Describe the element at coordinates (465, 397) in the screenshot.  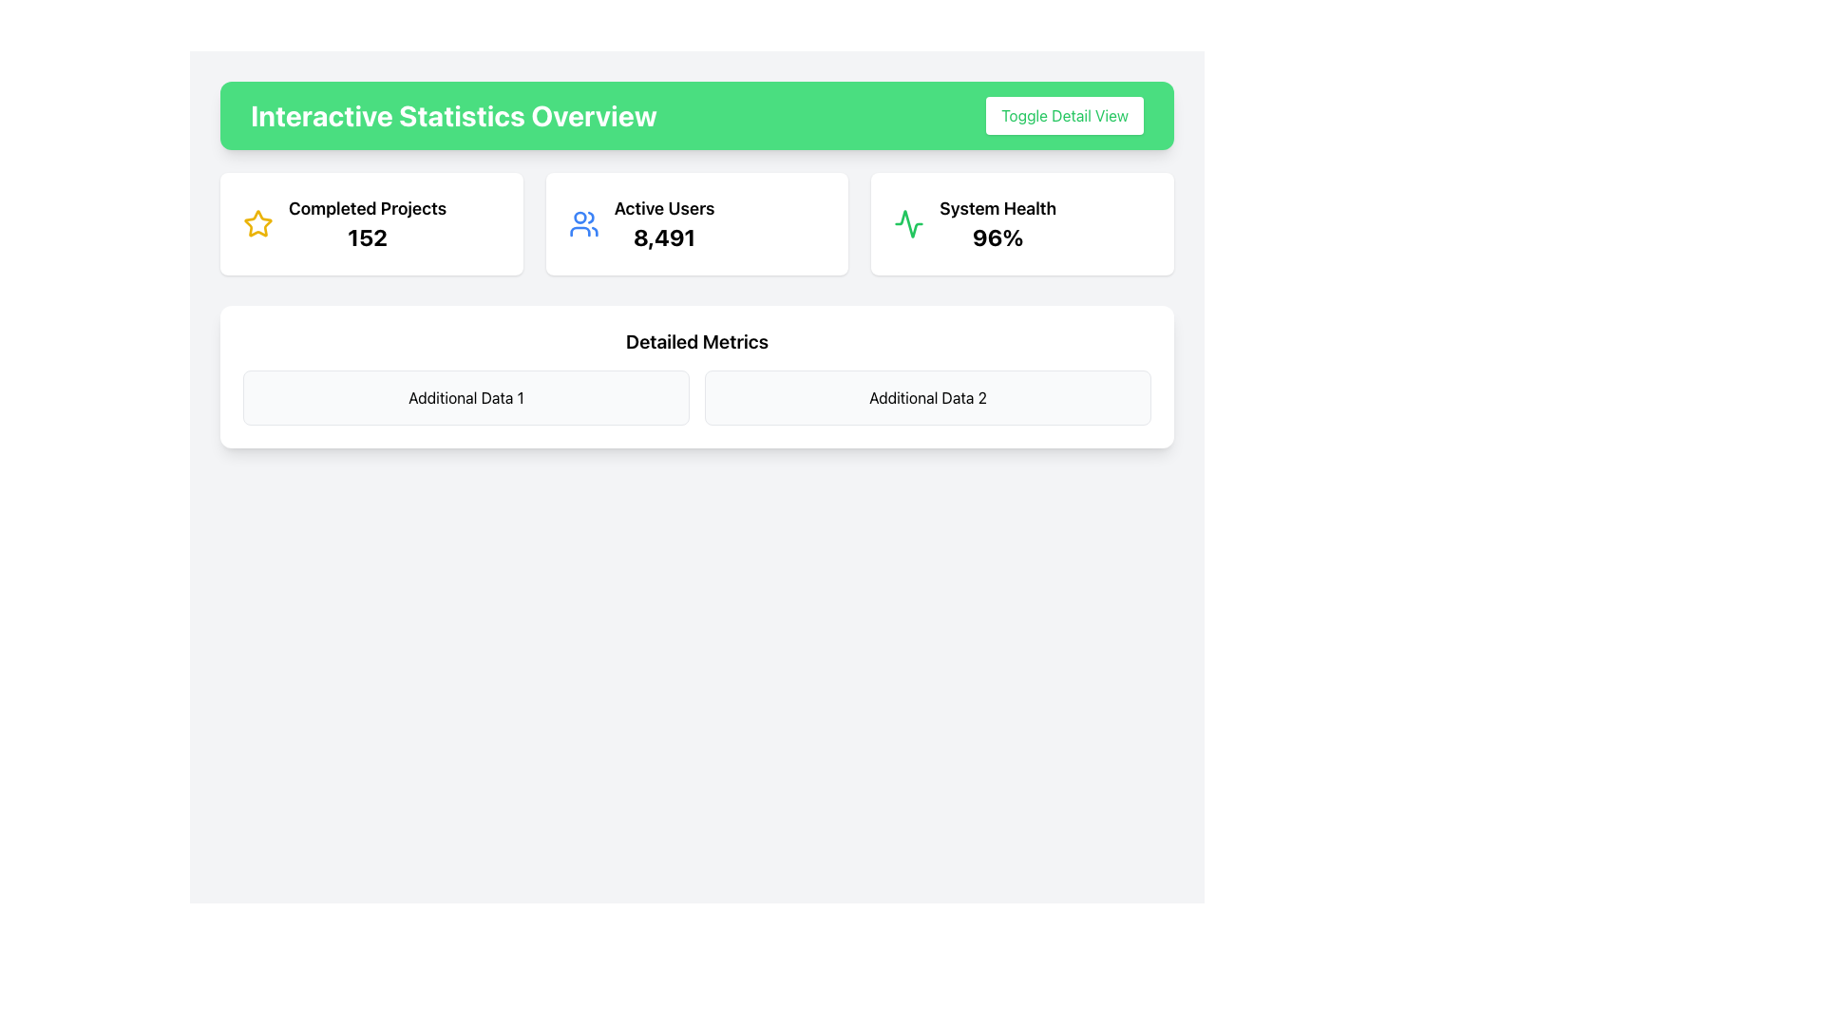
I see `the informational card displaying 'Additional Data 1', which is the first tile in the row under the 'Detailed Metrics' heading` at that location.